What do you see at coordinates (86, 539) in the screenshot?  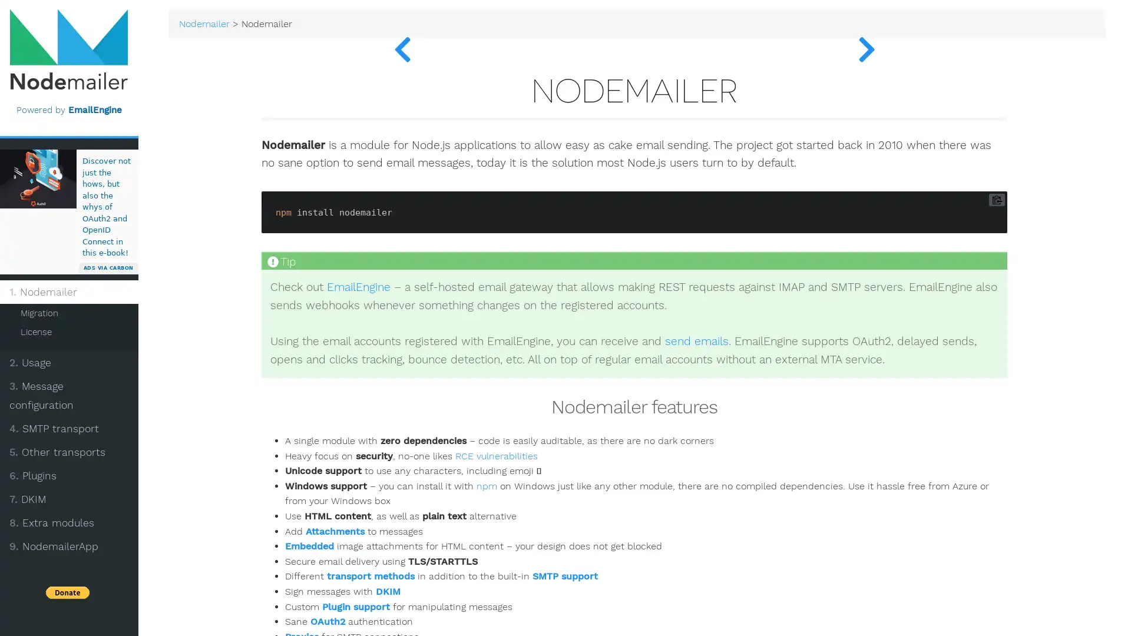 I see `PayPal - The safer, easier way to pay online!` at bounding box center [86, 539].